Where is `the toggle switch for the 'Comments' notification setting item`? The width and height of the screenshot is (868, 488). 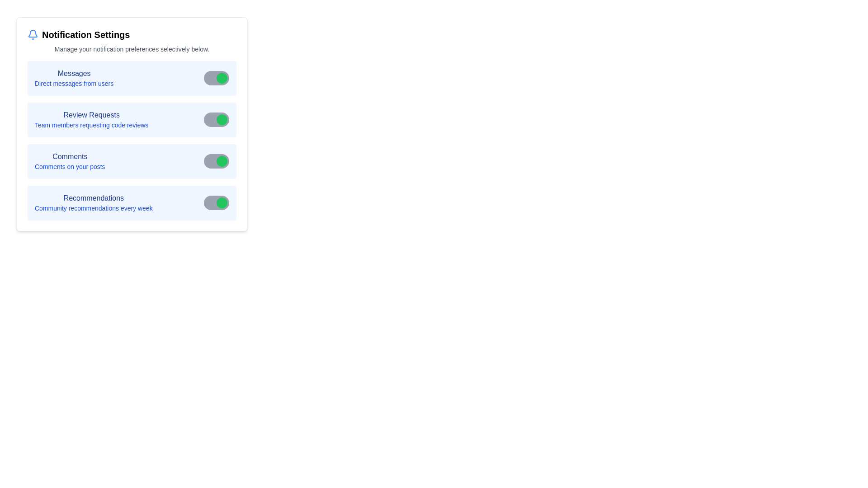 the toggle switch for the 'Comments' notification setting item is located at coordinates (132, 161).